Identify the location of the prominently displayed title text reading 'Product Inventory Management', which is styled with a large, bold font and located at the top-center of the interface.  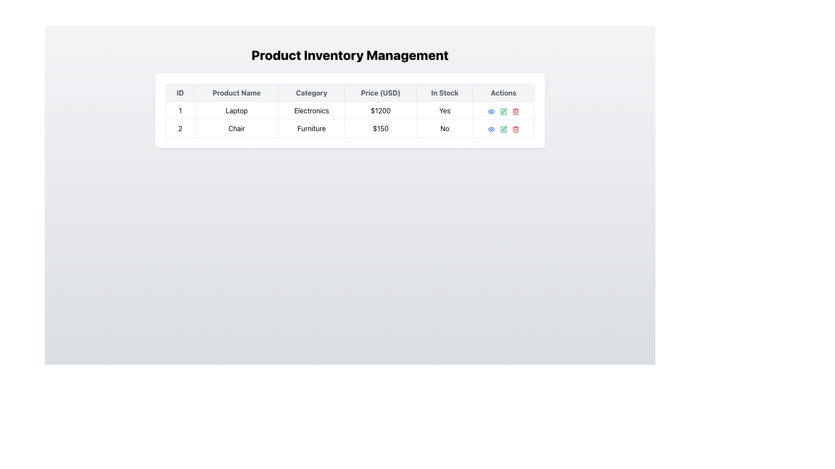
(350, 55).